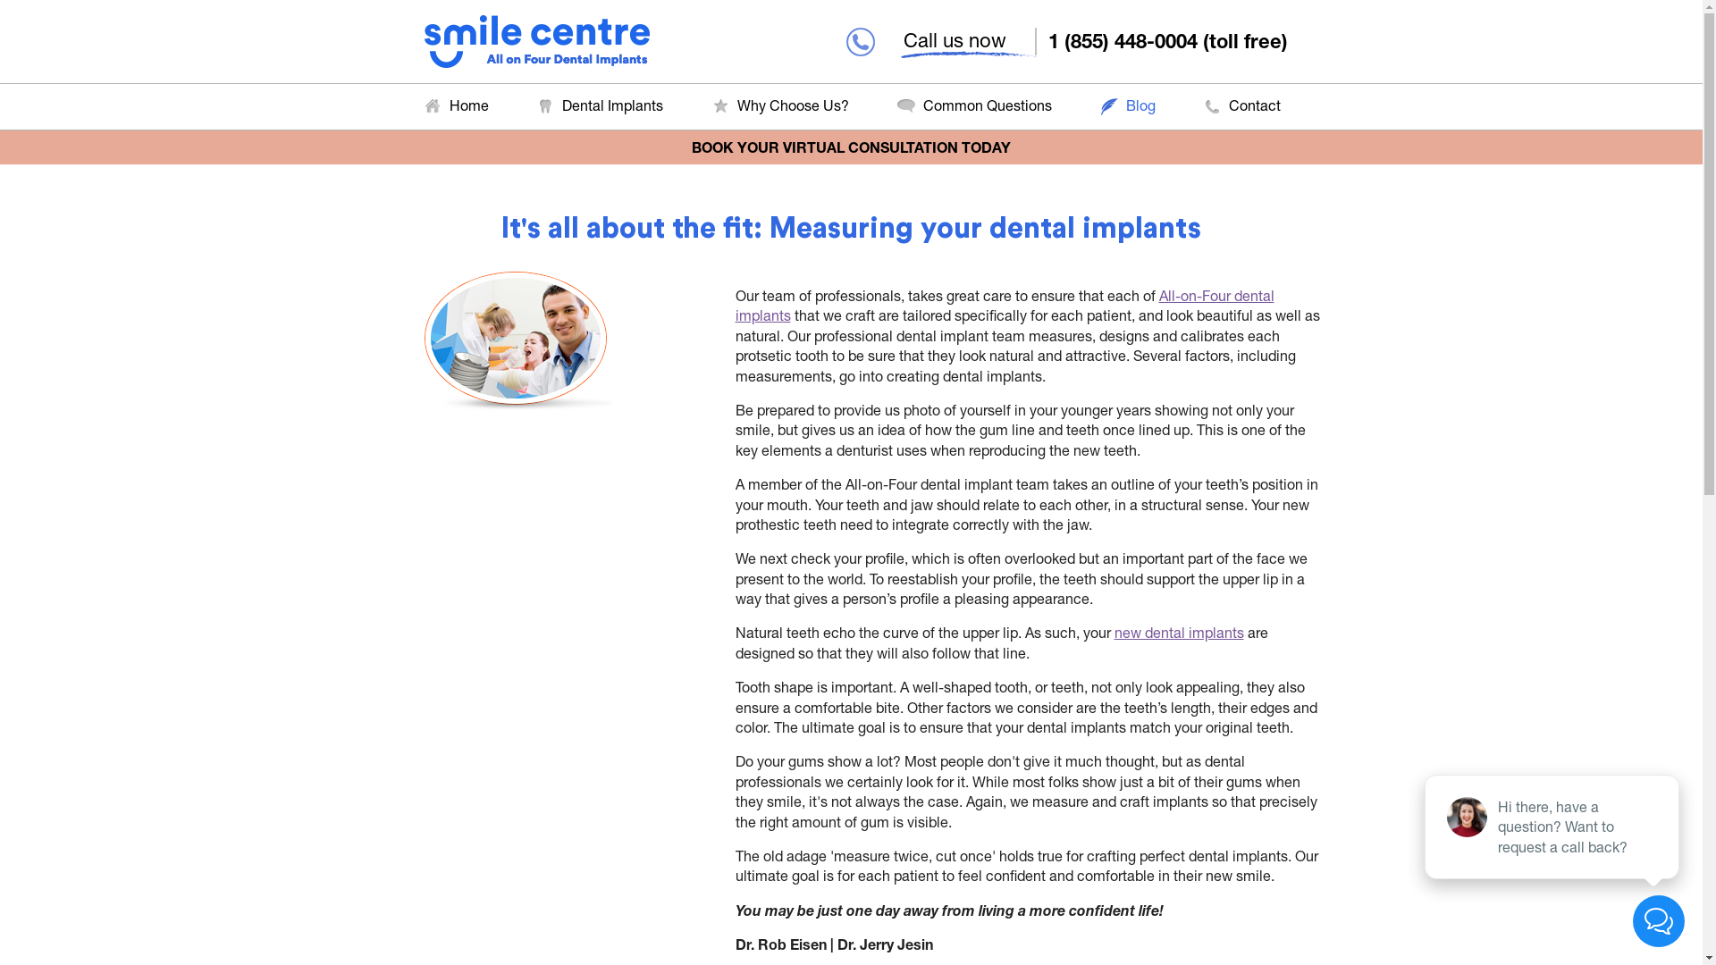 Image resolution: width=1716 pixels, height=965 pixels. What do you see at coordinates (455, 105) in the screenshot?
I see `'Home'` at bounding box center [455, 105].